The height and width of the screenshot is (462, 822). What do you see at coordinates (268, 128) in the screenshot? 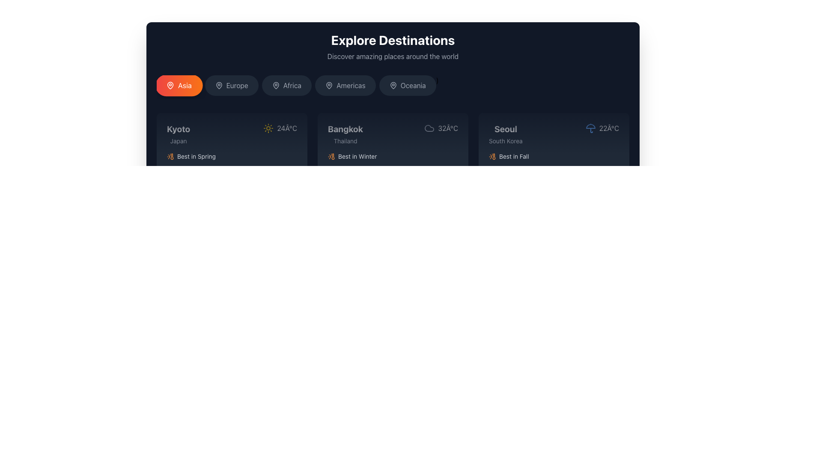
I see `the sun icon, which is a stylistic graphic with rays extending outward, located to the left of the '24°C' temperature in the weather card` at bounding box center [268, 128].